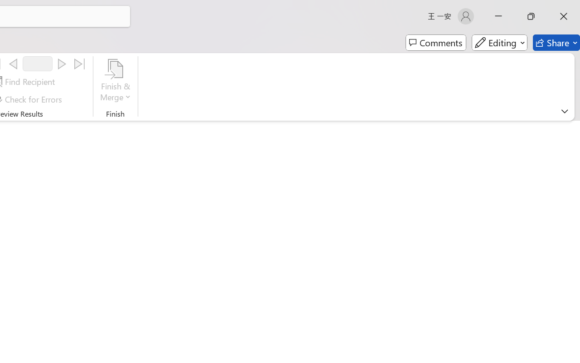  Describe the element at coordinates (13, 64) in the screenshot. I see `'Previous'` at that location.